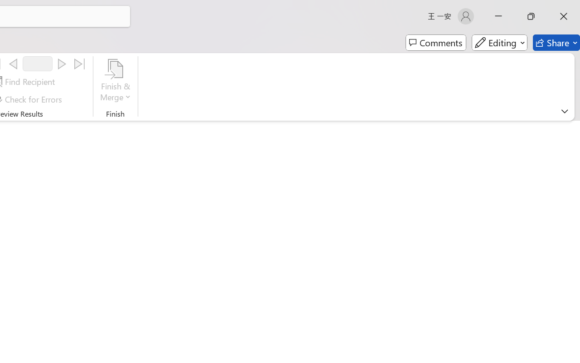  Describe the element at coordinates (13, 64) in the screenshot. I see `'Previous'` at that location.